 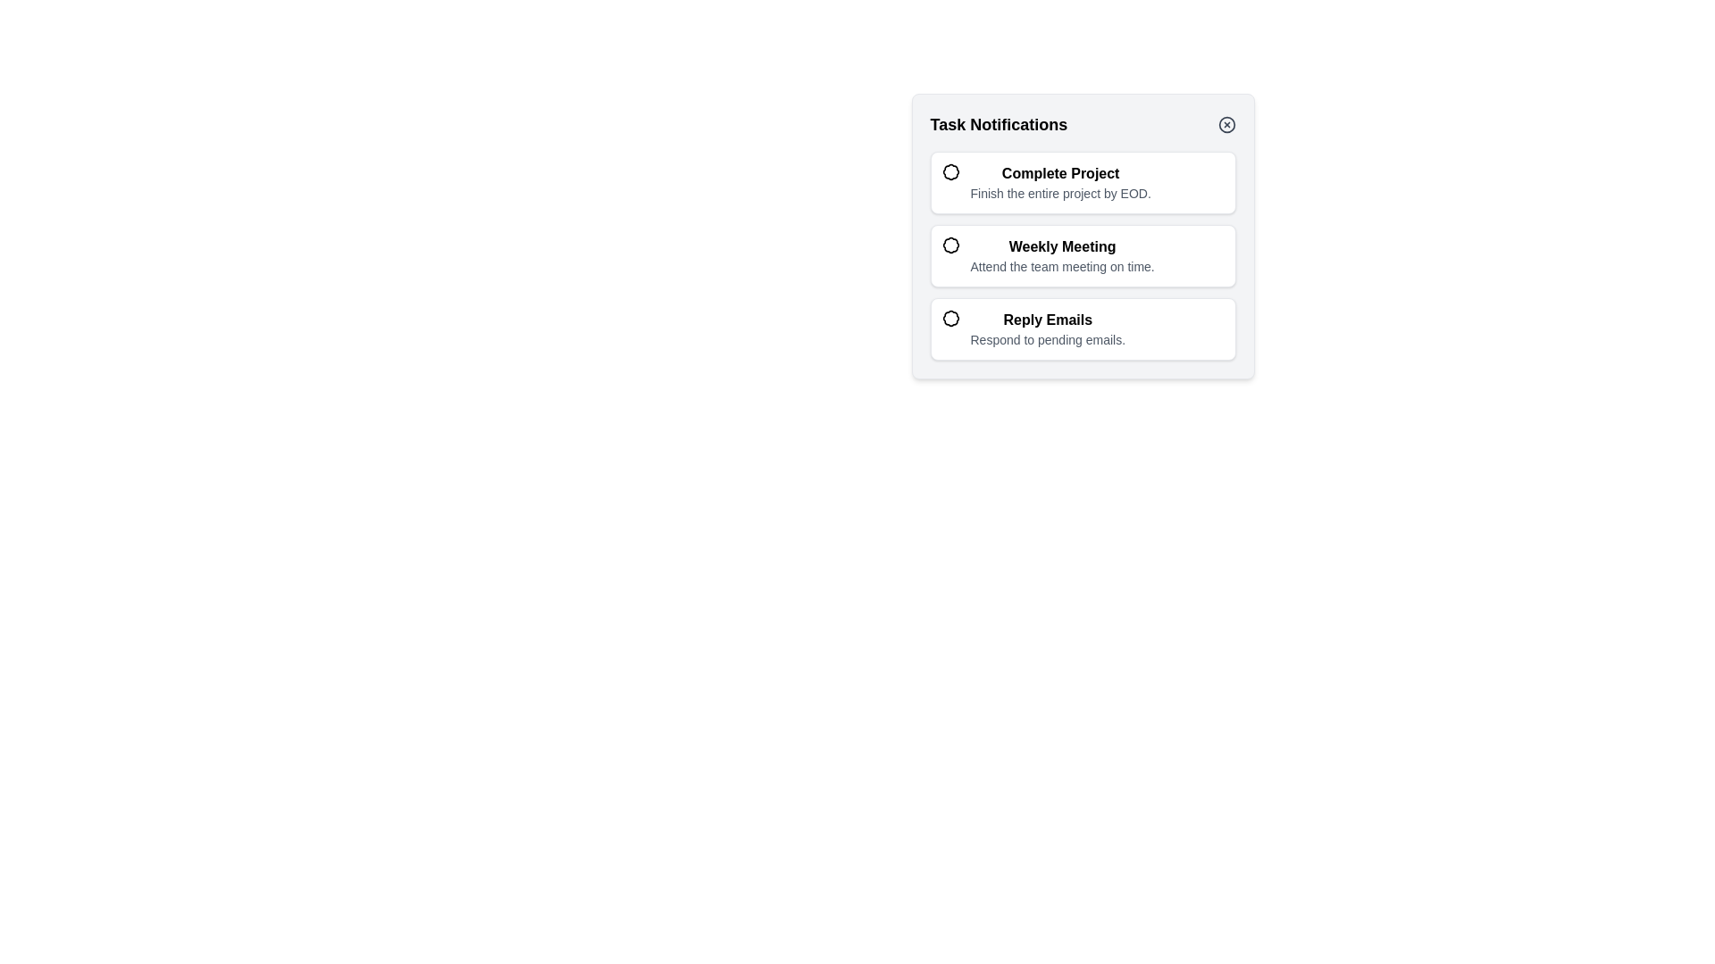 What do you see at coordinates (1060, 193) in the screenshot?
I see `the informational text that provides additional details or instructions related to the 'Complete Project' task, located beneath the bold text 'Complete Project'` at bounding box center [1060, 193].